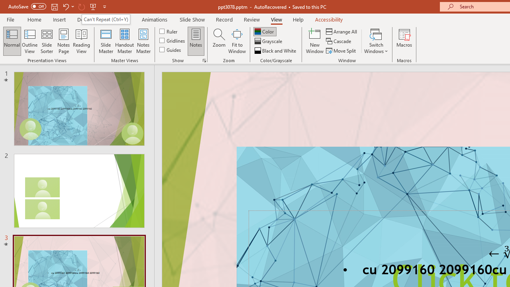 Image resolution: width=510 pixels, height=287 pixels. Describe the element at coordinates (314, 41) in the screenshot. I see `'New Window'` at that location.